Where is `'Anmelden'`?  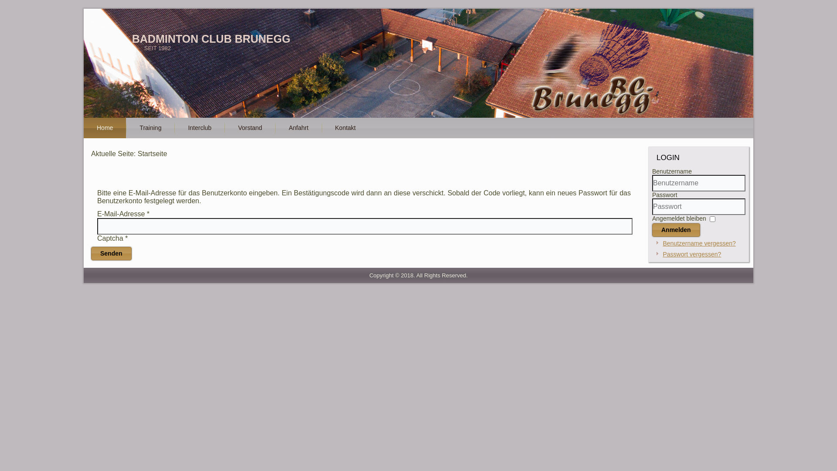
'Anmelden' is located at coordinates (675, 229).